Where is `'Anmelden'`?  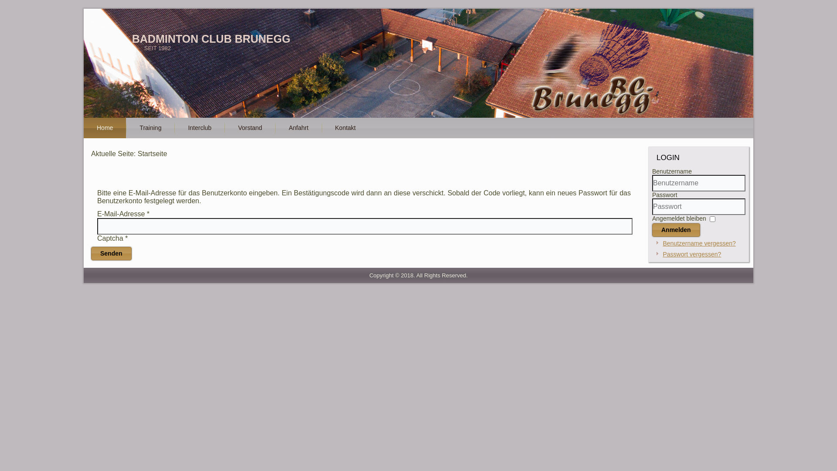
'Anmelden' is located at coordinates (675, 229).